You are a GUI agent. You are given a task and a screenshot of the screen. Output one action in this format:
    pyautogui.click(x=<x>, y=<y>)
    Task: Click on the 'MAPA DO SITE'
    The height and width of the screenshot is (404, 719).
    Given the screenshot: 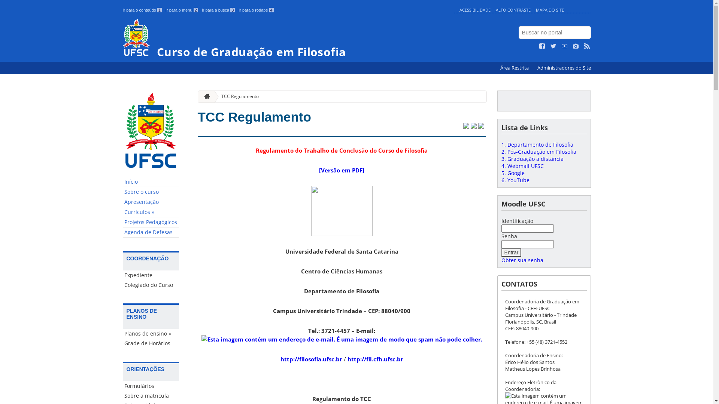 What is the action you would take?
    pyautogui.click(x=549, y=10)
    